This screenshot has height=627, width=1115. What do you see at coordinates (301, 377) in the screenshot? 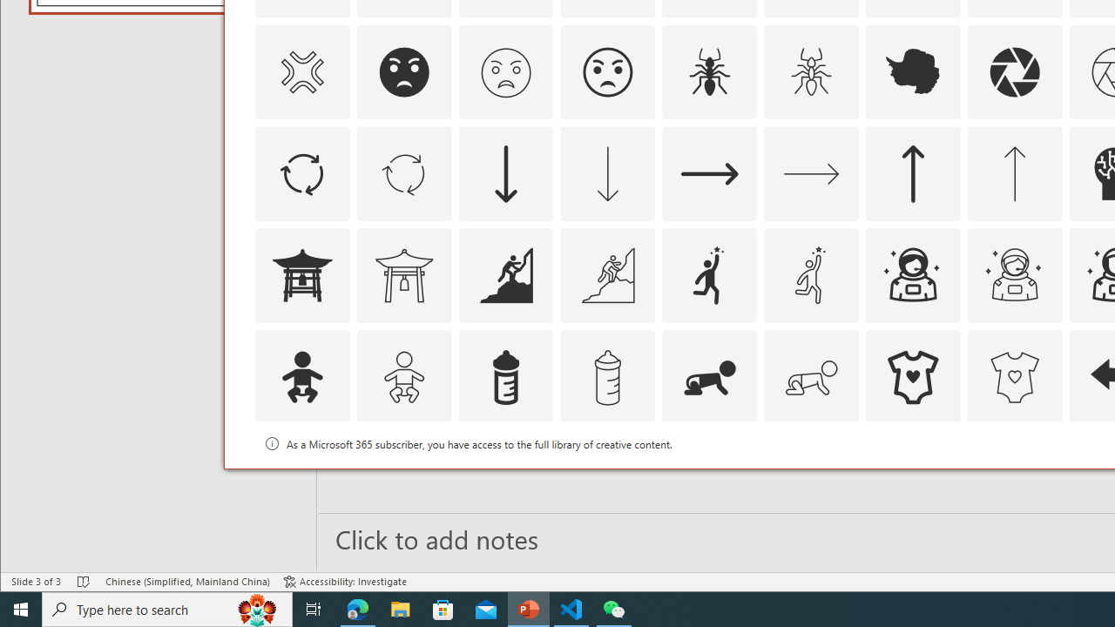
I see `'AutomationID: Icons_Baby'` at bounding box center [301, 377].